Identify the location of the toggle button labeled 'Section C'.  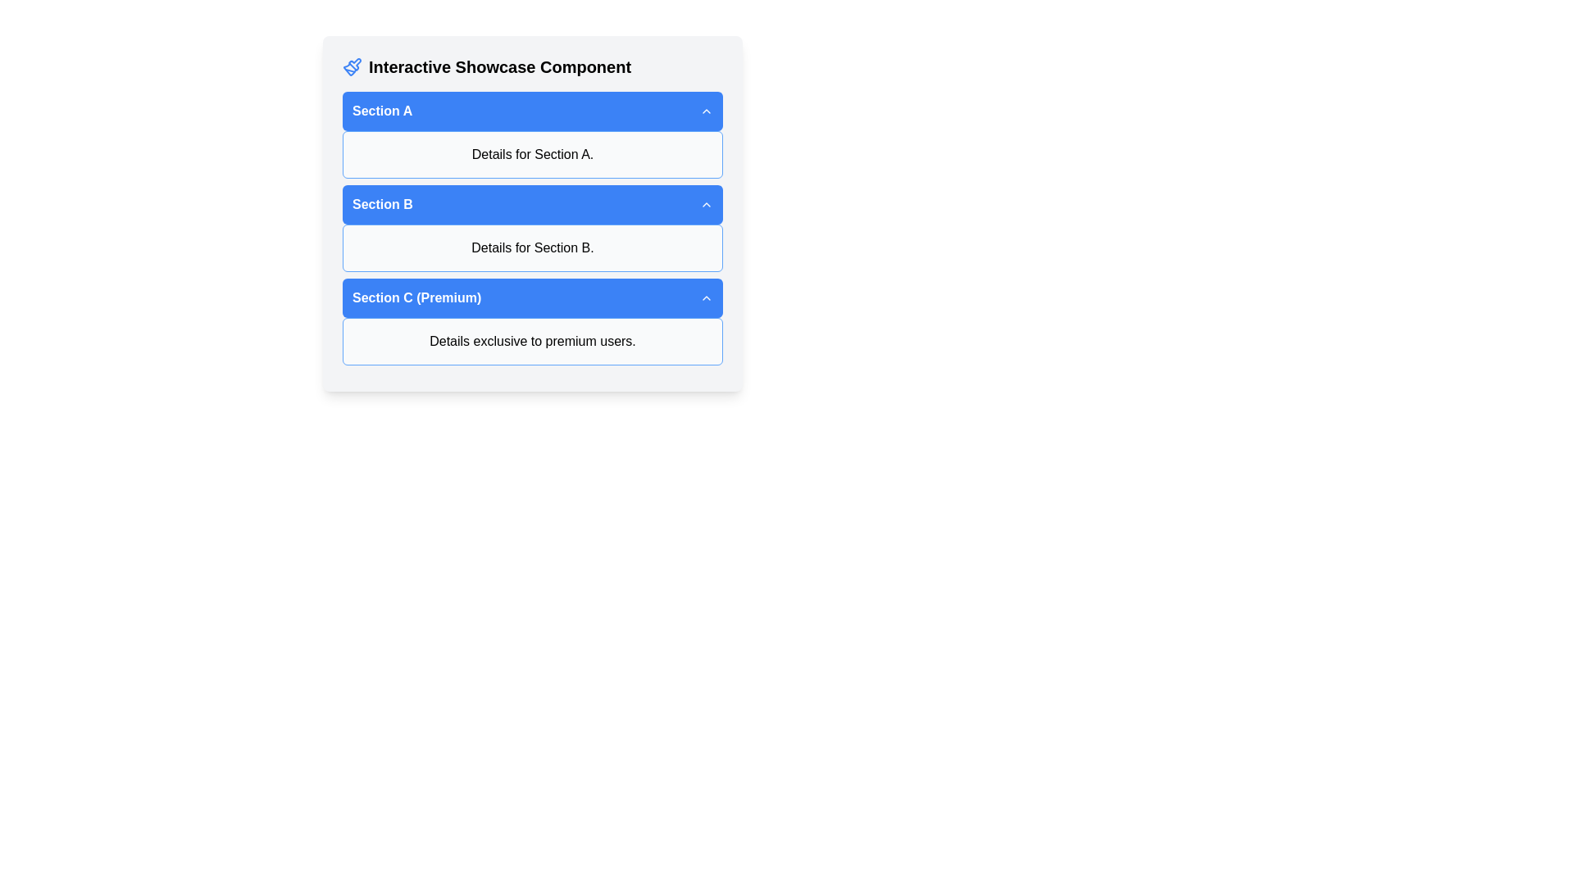
(532, 297).